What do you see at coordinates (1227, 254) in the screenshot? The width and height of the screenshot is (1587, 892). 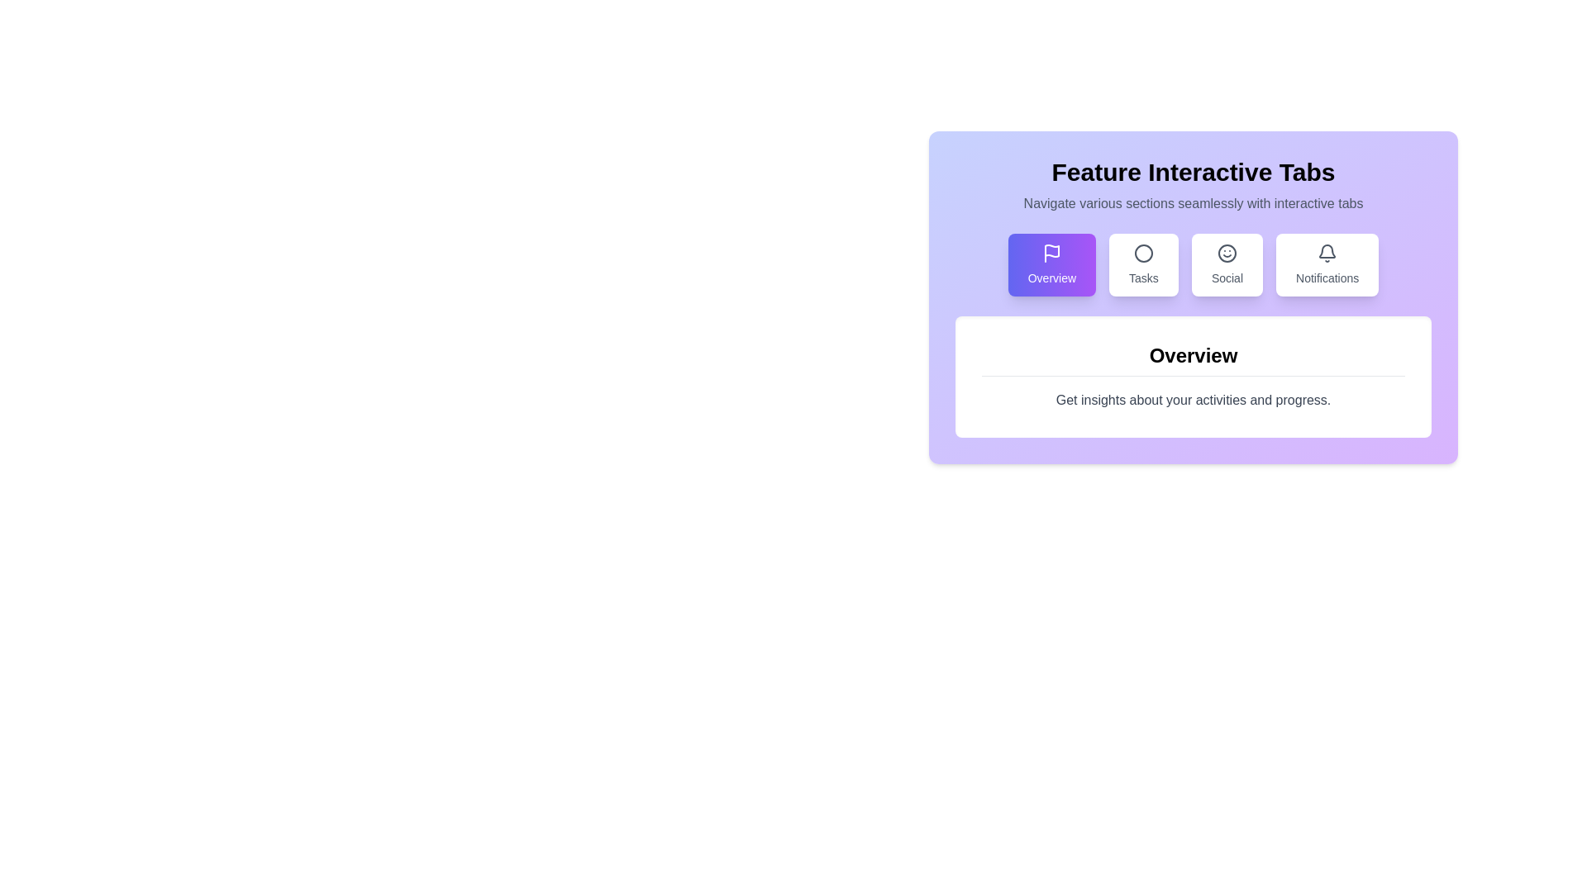 I see `the smiley face icon located in the 'Social' tab` at bounding box center [1227, 254].